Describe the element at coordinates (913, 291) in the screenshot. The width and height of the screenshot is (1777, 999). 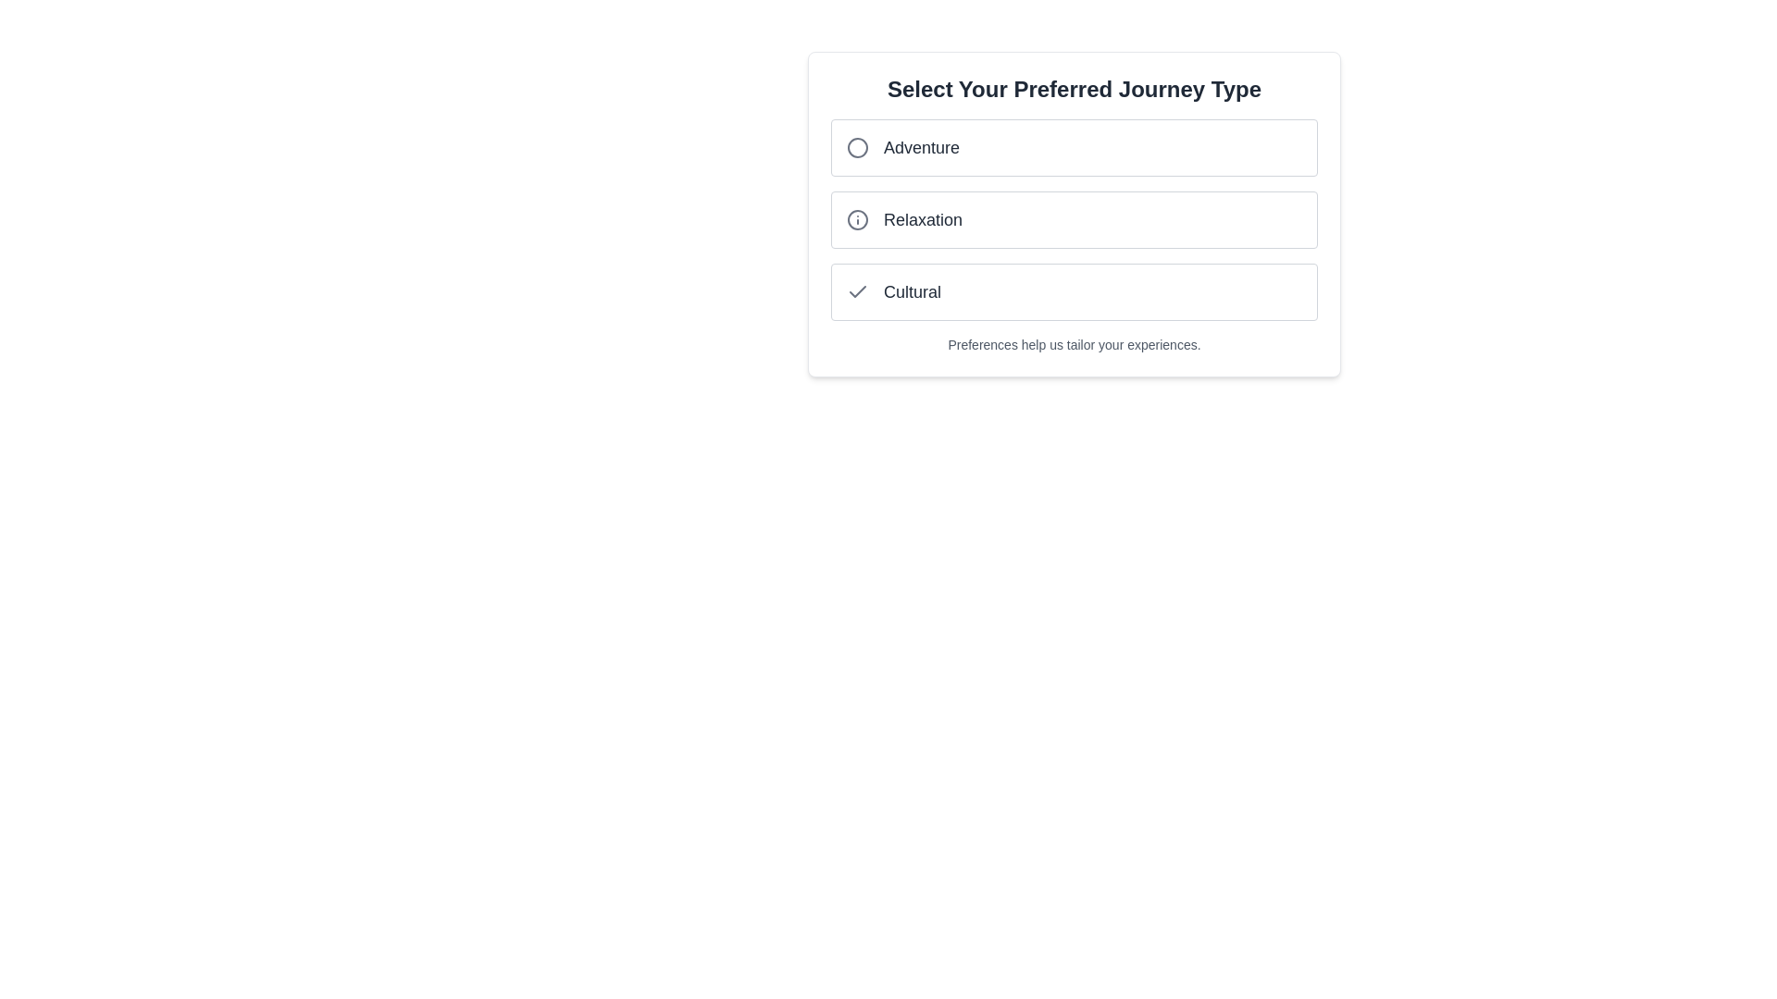
I see `the text label 'Cultural' to provide additional context for users selecting their preferred journey type` at that location.